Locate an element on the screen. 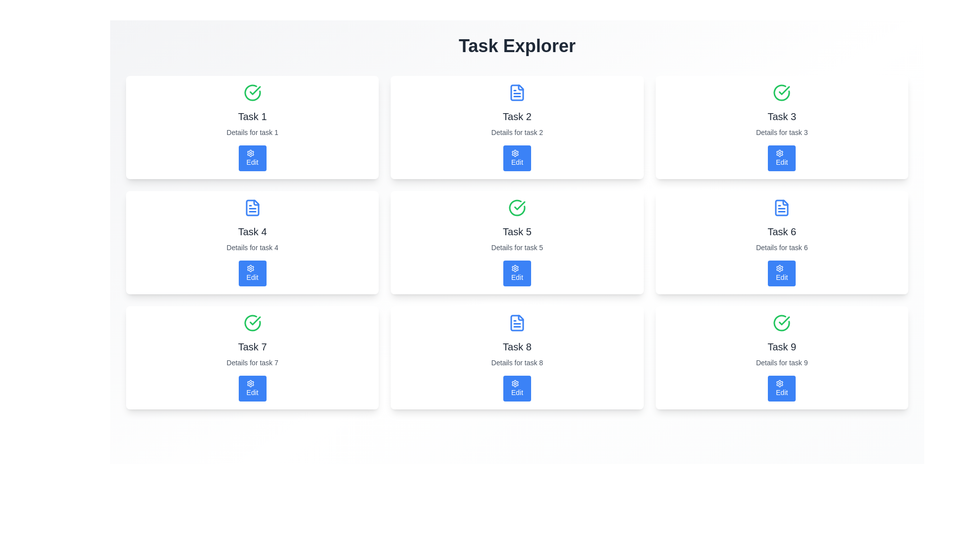  the decorative checkmark graphic within the SVG element indicating the successful status of 'Task 5' is located at coordinates (519, 205).